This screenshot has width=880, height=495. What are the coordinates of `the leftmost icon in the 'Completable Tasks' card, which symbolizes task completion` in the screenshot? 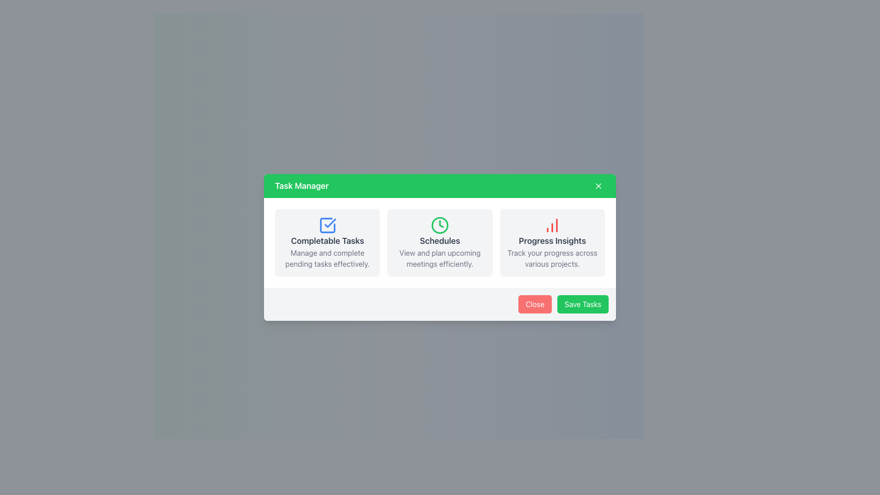 It's located at (327, 225).